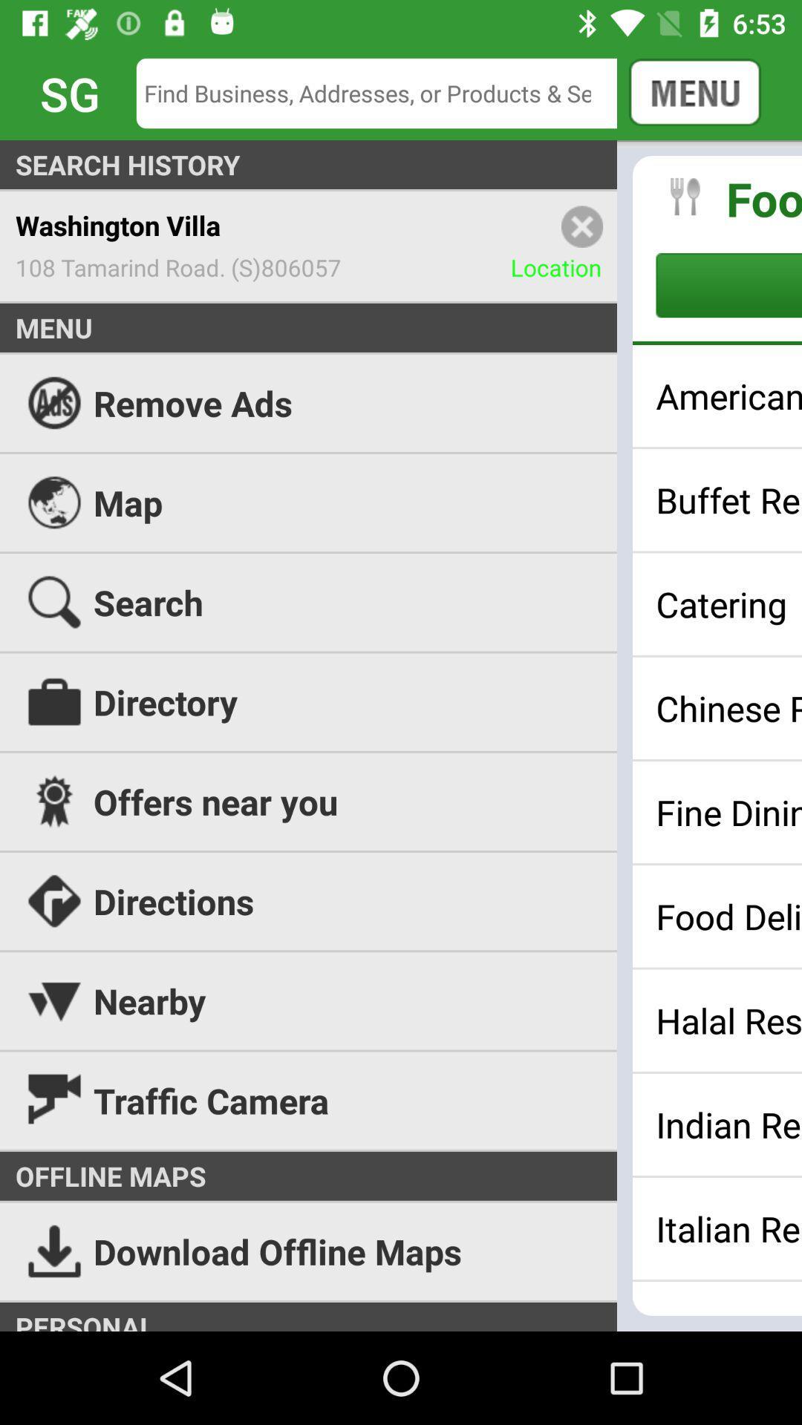  Describe the element at coordinates (564, 267) in the screenshot. I see `the location item` at that location.